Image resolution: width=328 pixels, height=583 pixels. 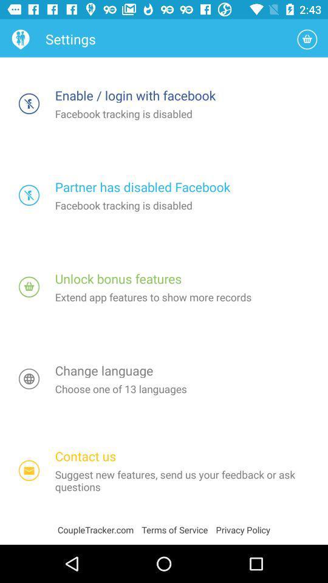 I want to click on enable facebook login, so click(x=29, y=103).